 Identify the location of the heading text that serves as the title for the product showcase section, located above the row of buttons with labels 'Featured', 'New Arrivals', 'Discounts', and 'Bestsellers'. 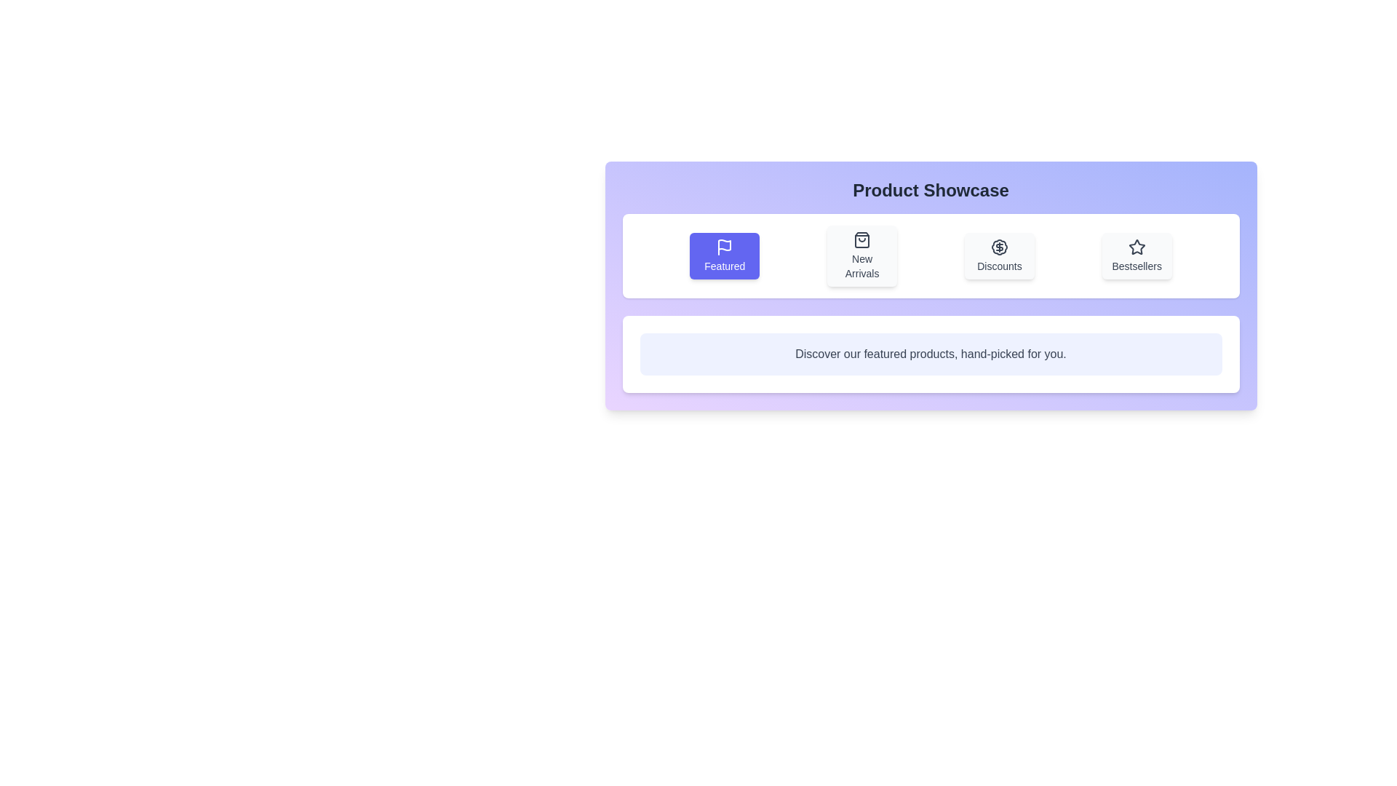
(930, 190).